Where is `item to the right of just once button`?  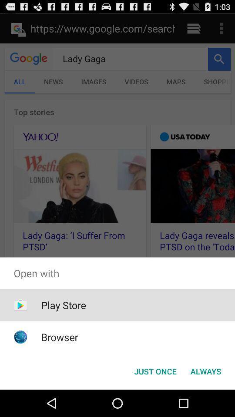
item to the right of just once button is located at coordinates (205, 371).